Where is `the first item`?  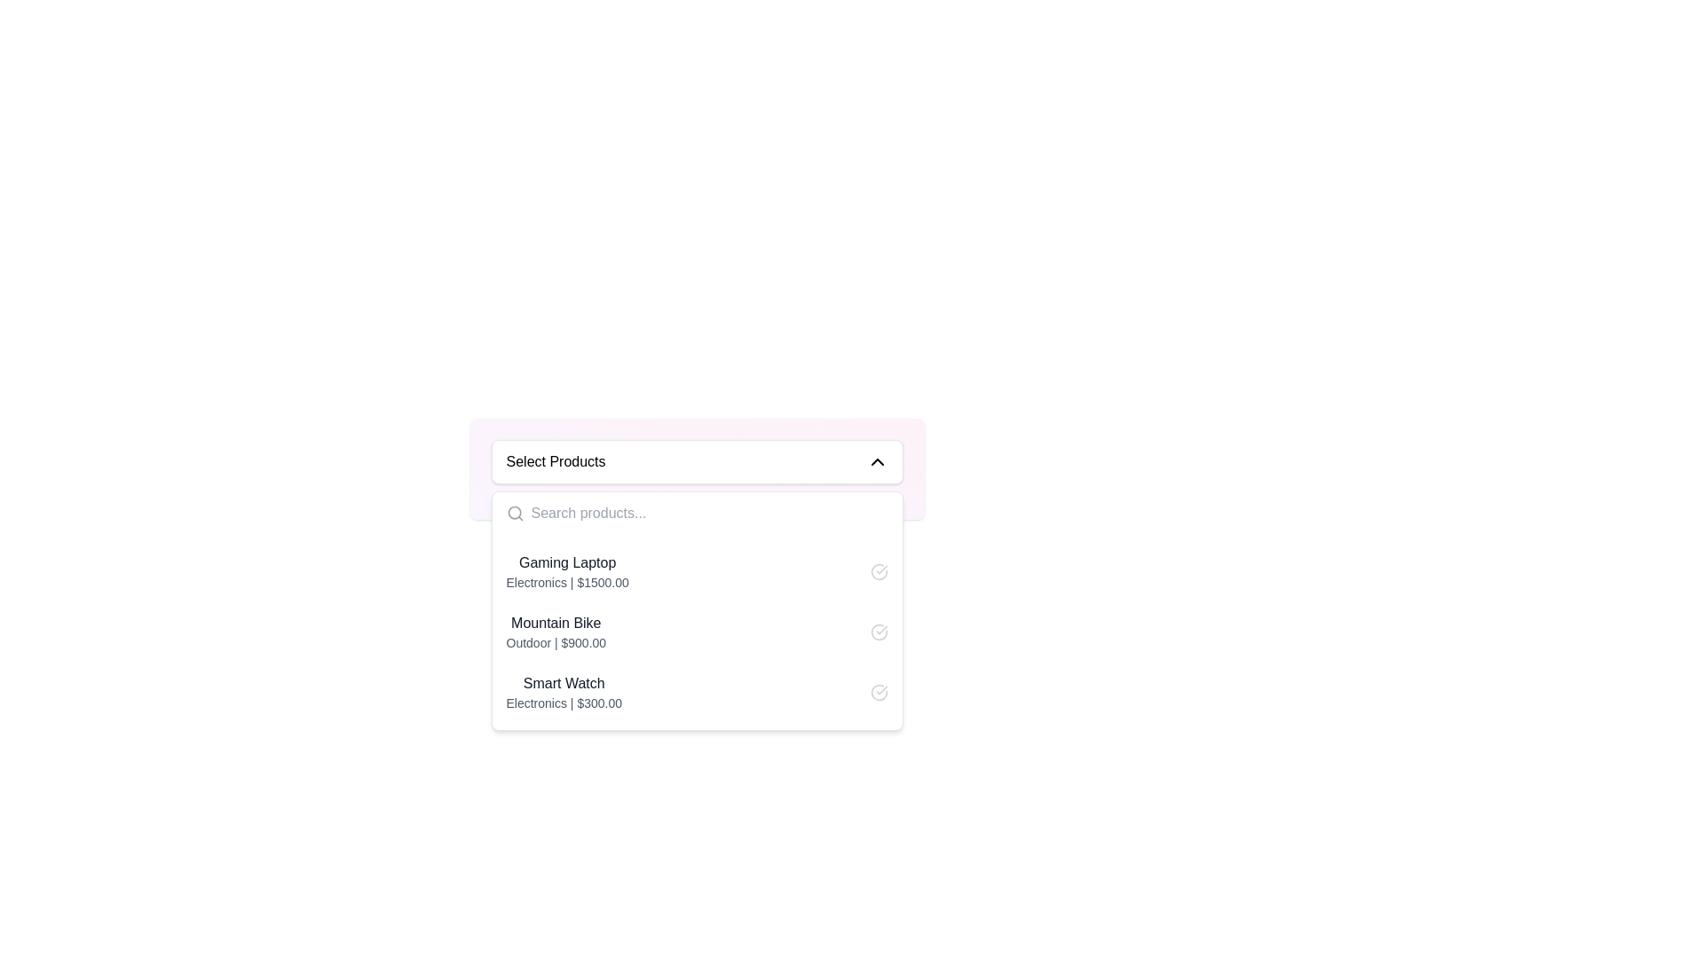
the first item is located at coordinates (566, 571).